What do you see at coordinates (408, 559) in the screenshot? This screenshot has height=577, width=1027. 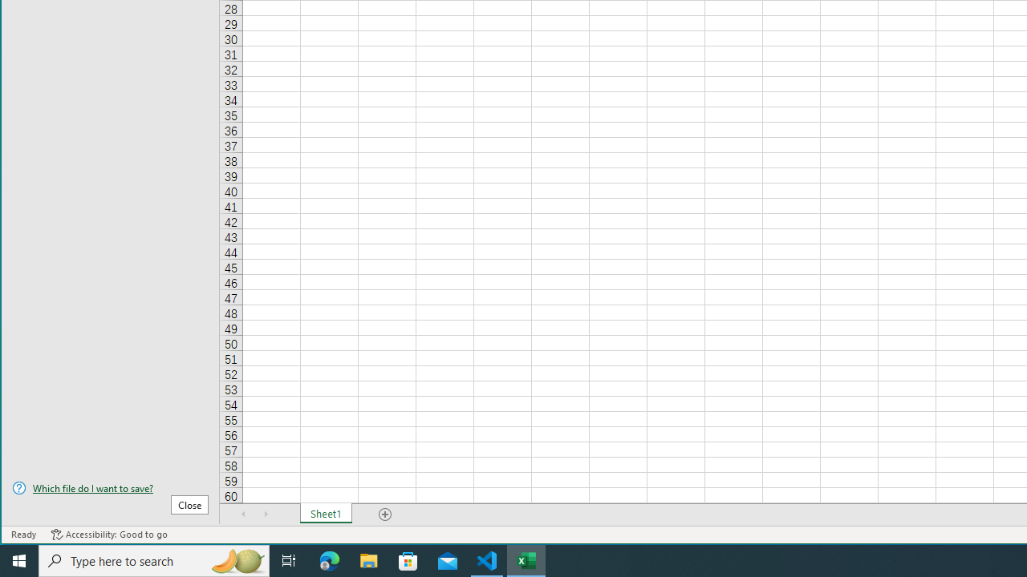 I see `'Microsoft Store'` at bounding box center [408, 559].